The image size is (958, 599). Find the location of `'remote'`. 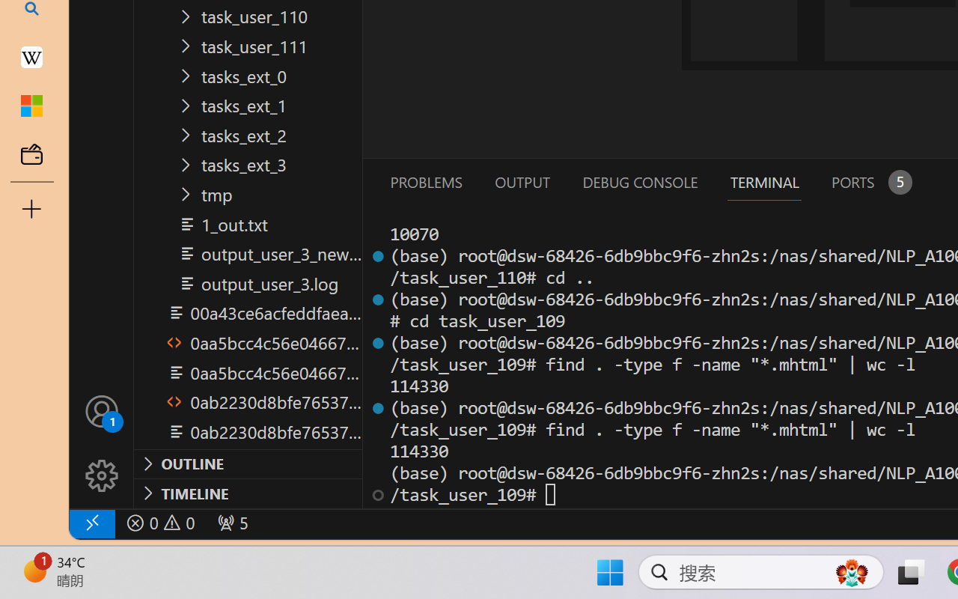

'remote' is located at coordinates (91, 523).